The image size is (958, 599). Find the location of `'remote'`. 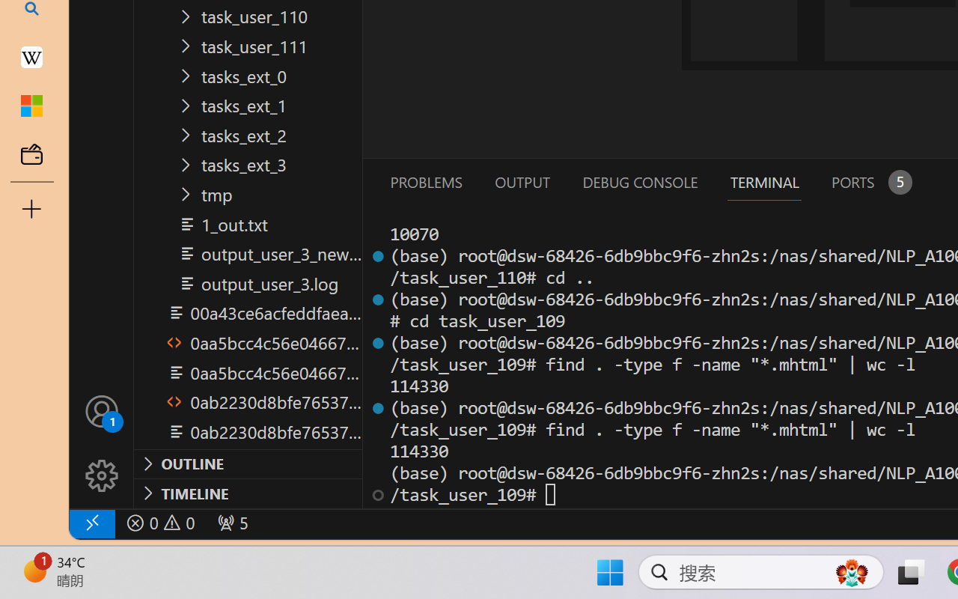

'remote' is located at coordinates (91, 523).